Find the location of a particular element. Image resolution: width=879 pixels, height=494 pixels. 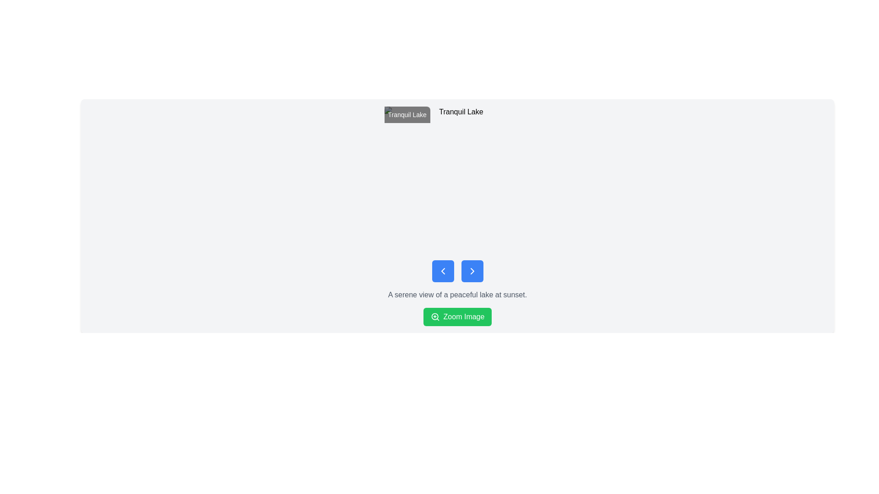

the central image display frame with a rounded border that has a light gray background to interact with its potential overlay or options is located at coordinates (457, 180).